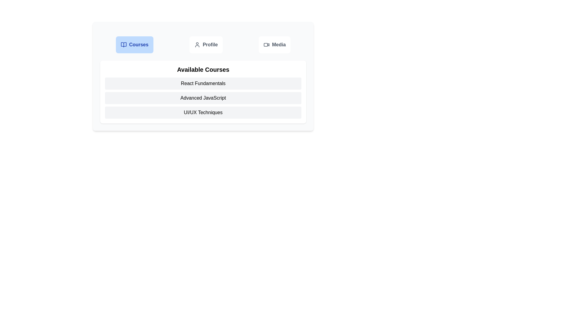 The height and width of the screenshot is (327, 581). What do you see at coordinates (206, 44) in the screenshot?
I see `the navigation button located centrally between the 'Courses' and 'Media' buttons to change its style` at bounding box center [206, 44].